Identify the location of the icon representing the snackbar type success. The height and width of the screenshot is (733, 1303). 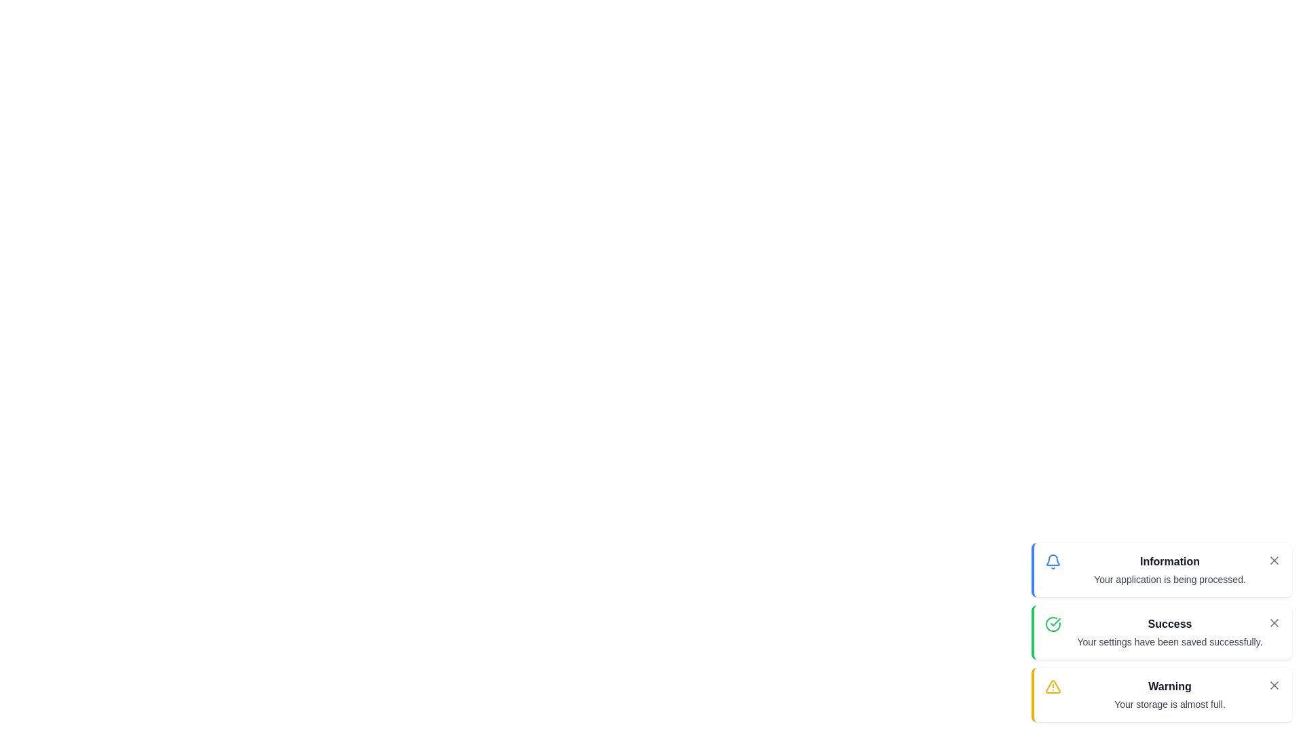
(1052, 624).